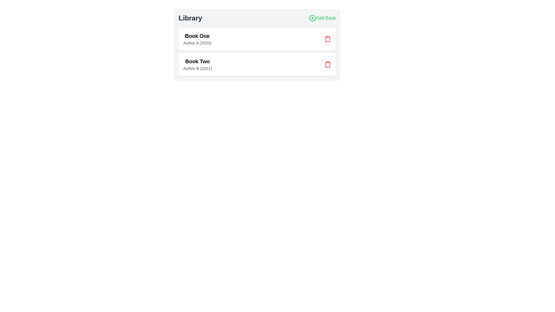 The height and width of the screenshot is (312, 555). I want to click on the circular green outlined button with a plus sign inside it, located in the top-right corner of the 'Library' section next to 'Add Book', so click(312, 18).